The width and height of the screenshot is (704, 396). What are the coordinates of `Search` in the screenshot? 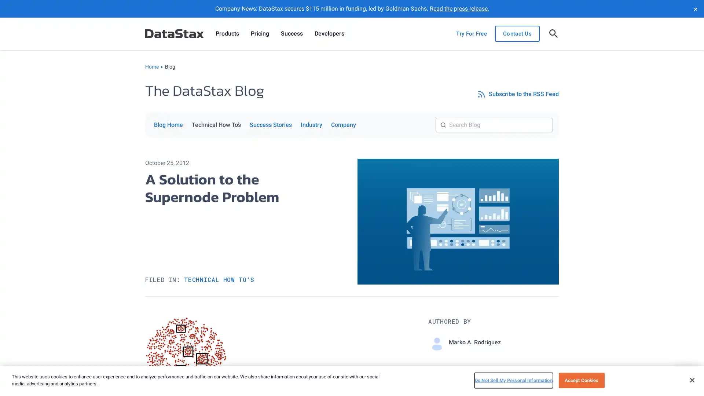 It's located at (553, 117).